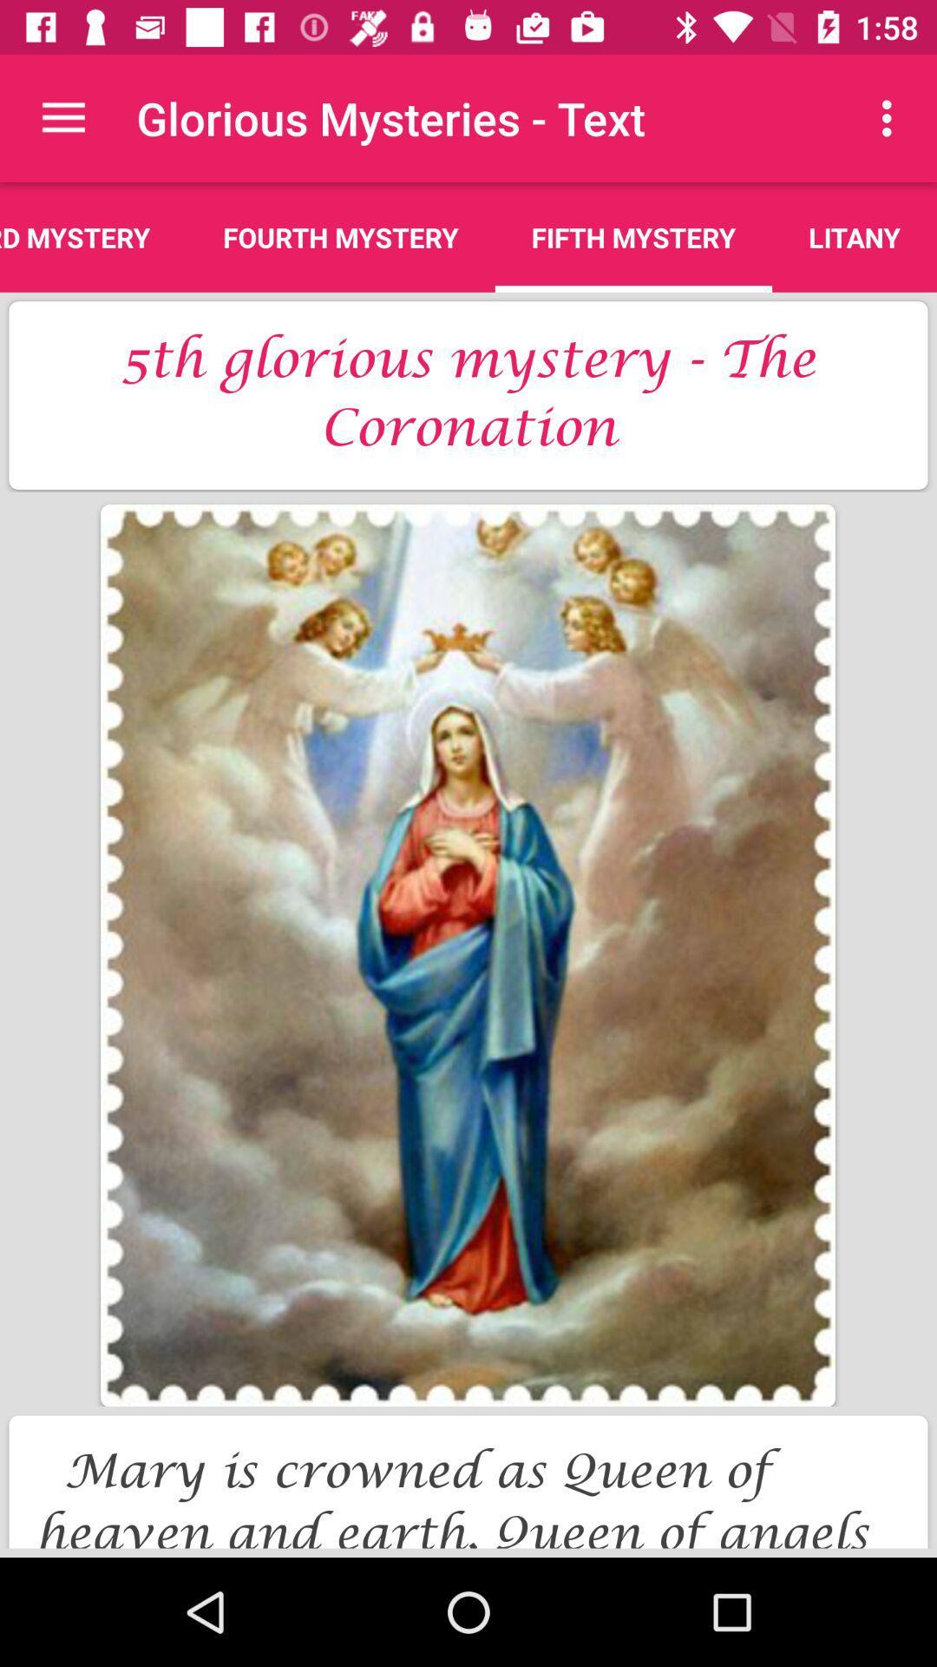  Describe the element at coordinates (854, 236) in the screenshot. I see `the item next to the fifth mystery app` at that location.